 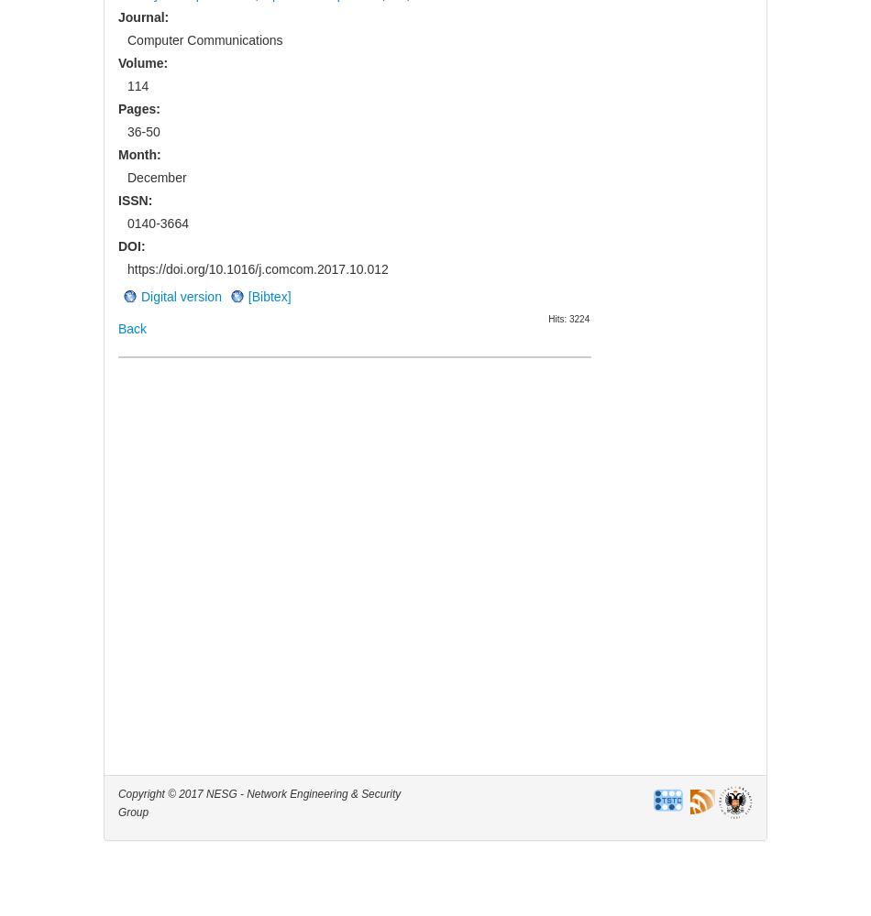 I want to click on 'DOI:', so click(x=131, y=245).